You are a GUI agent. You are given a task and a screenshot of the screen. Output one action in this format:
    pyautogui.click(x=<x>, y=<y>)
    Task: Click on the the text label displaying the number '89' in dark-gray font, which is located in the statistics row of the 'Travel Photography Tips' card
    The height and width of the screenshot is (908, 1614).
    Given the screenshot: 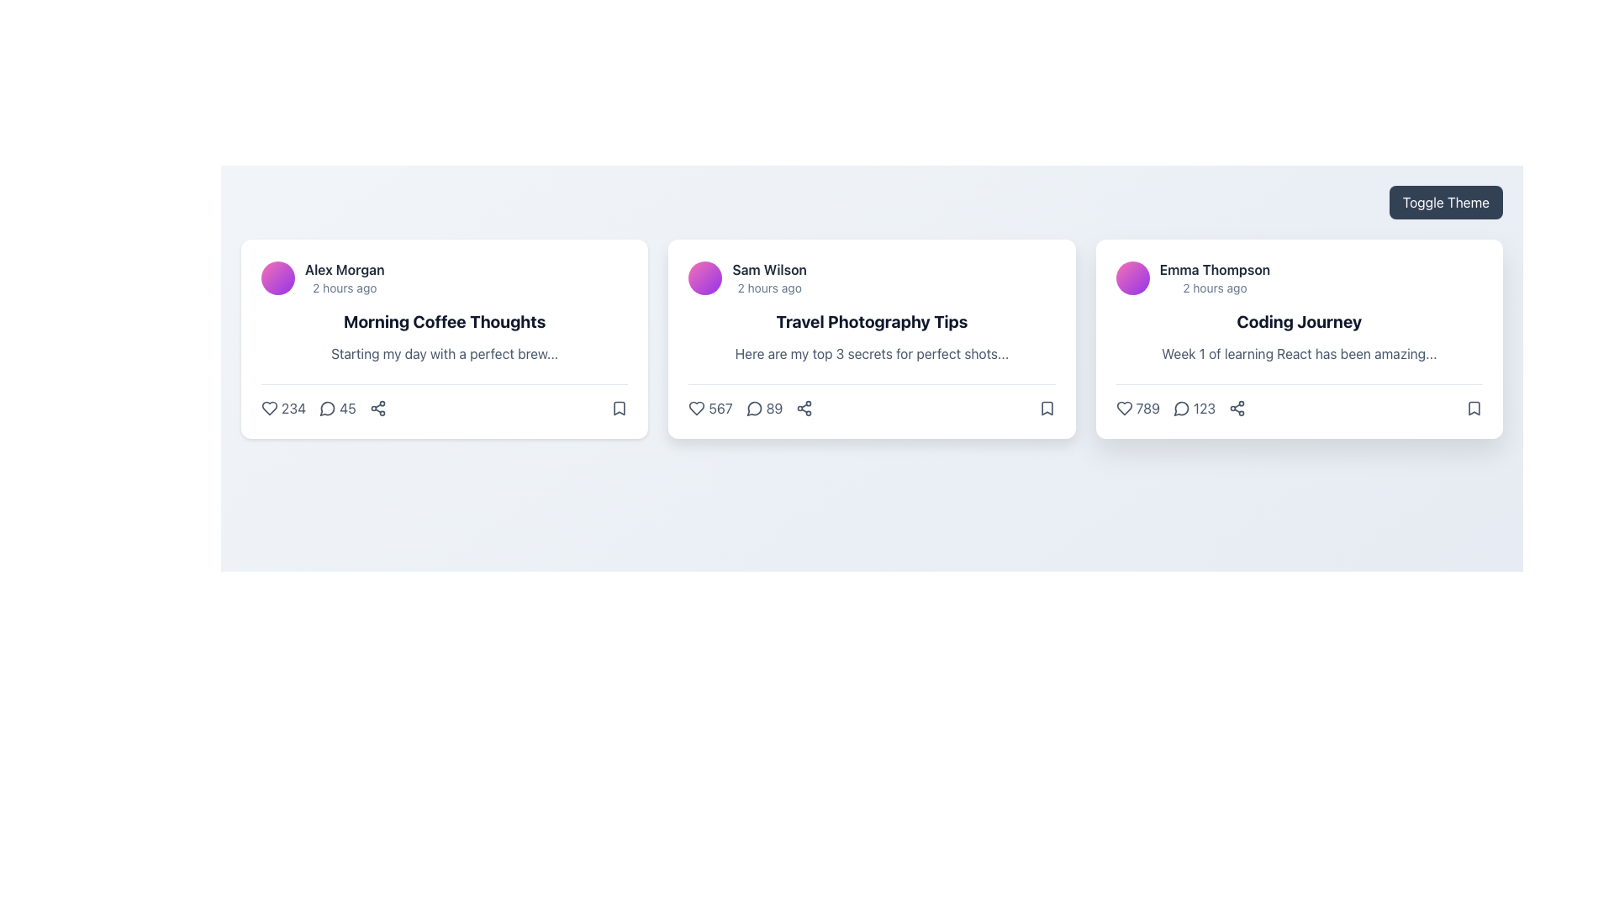 What is the action you would take?
    pyautogui.click(x=773, y=409)
    